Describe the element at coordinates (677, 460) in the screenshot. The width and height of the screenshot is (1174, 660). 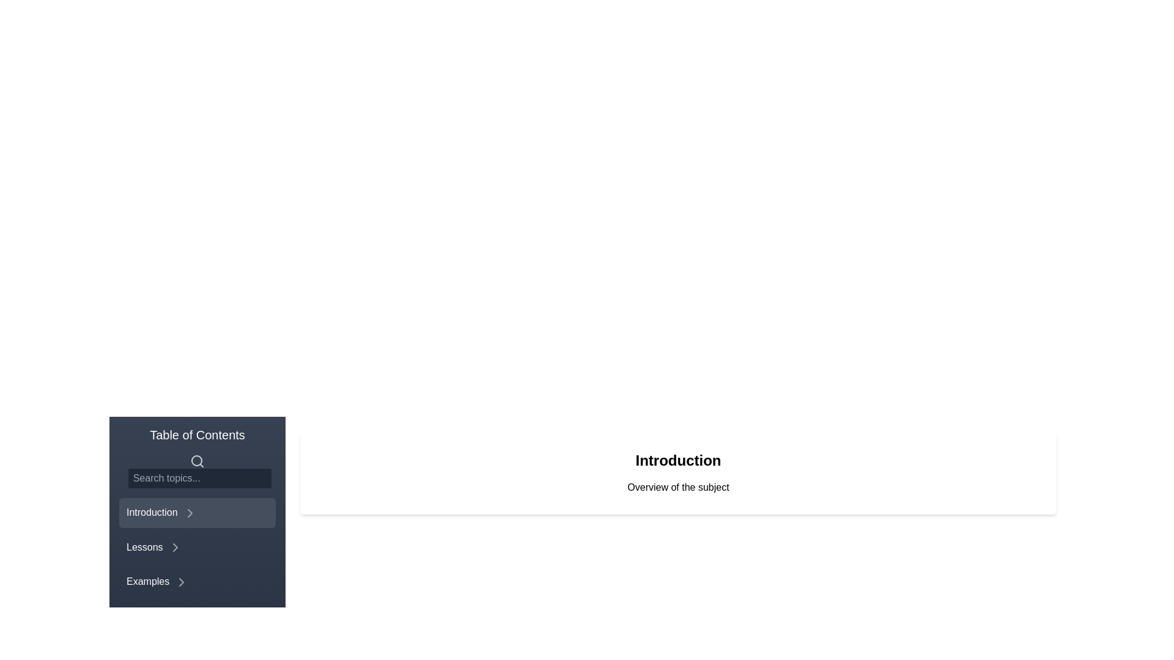
I see `text title labeled 'Introduction' which is displayed prominently in bold at the top of the right panel` at that location.